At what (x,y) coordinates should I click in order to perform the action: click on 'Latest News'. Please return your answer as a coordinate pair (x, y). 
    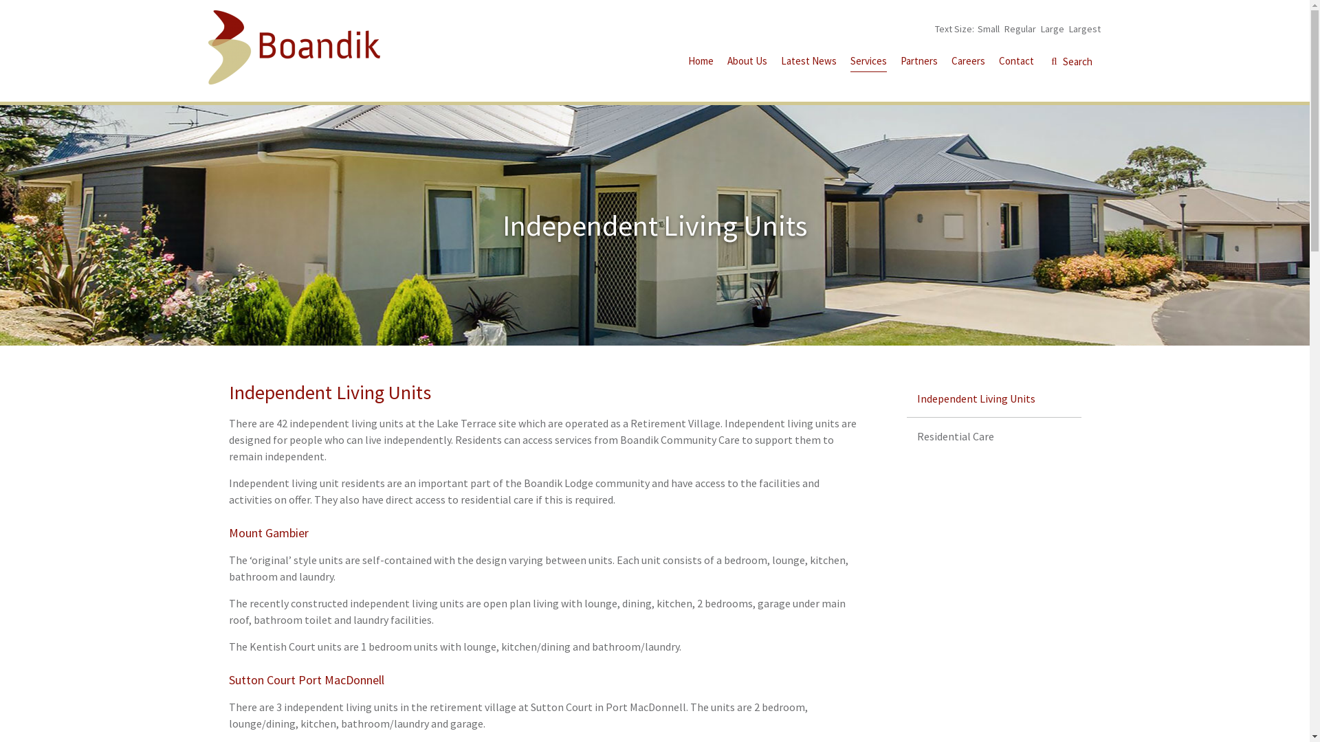
    Looking at the image, I should click on (808, 63).